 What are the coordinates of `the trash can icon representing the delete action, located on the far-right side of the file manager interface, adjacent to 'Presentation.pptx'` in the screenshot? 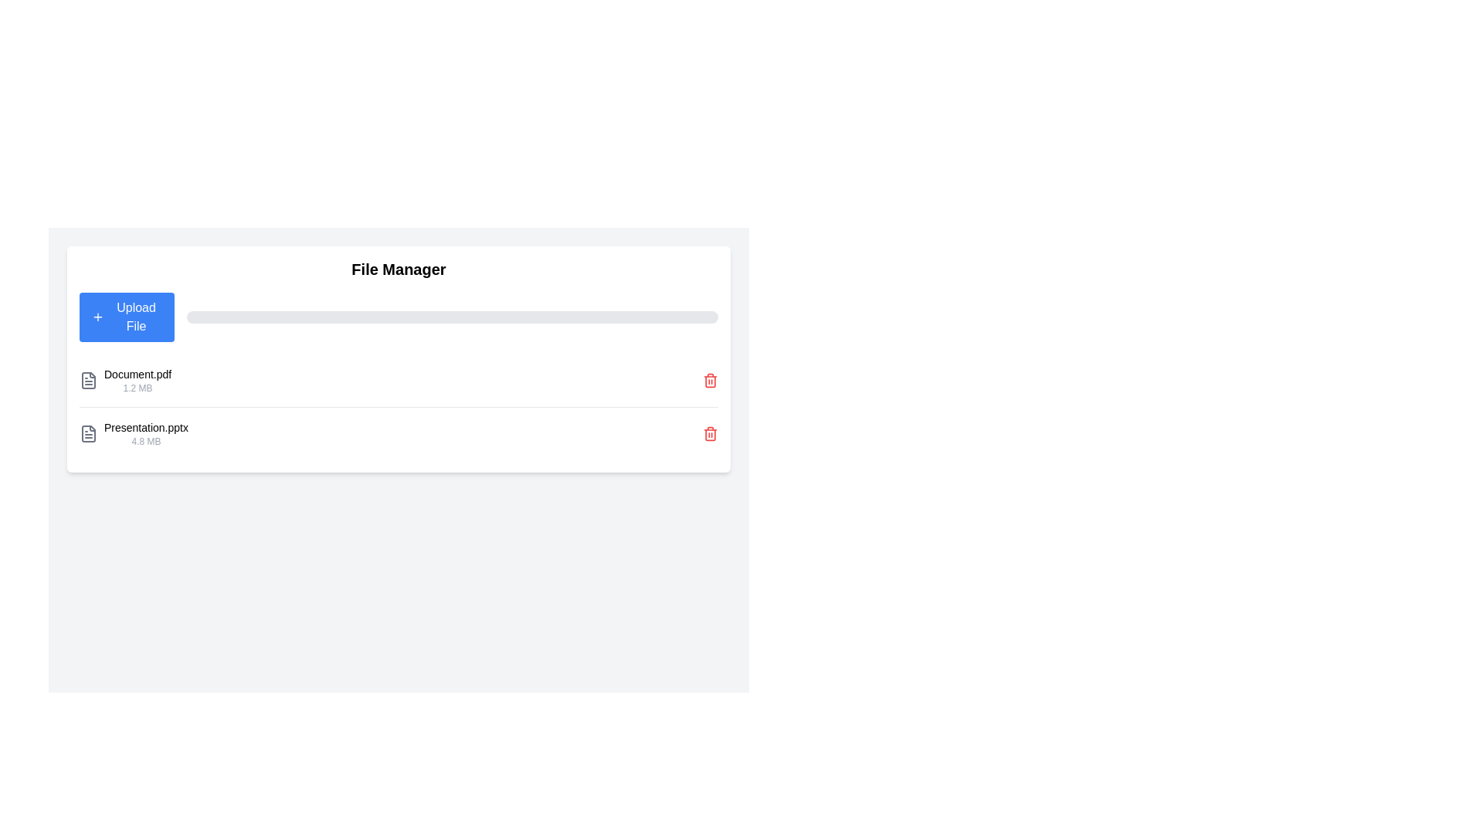 It's located at (710, 435).